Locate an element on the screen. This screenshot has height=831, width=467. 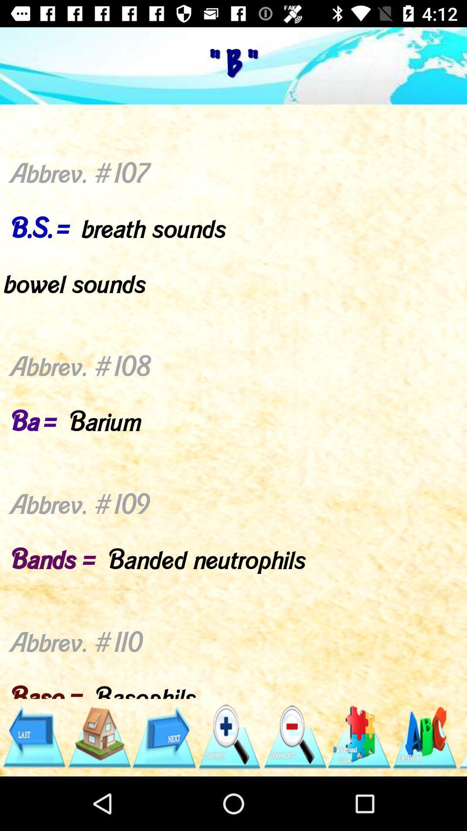
click abc is located at coordinates (424, 737).